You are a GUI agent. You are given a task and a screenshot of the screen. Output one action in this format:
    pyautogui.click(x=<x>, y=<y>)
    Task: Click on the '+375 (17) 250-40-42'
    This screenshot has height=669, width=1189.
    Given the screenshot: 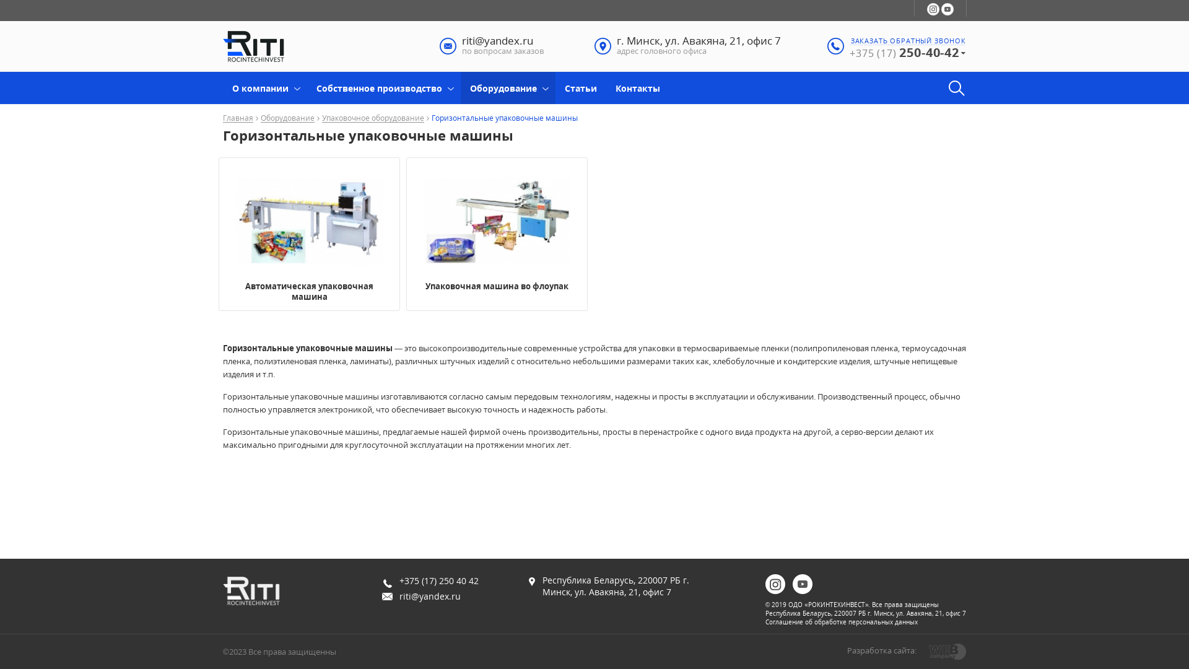 What is the action you would take?
    pyautogui.click(x=907, y=51)
    